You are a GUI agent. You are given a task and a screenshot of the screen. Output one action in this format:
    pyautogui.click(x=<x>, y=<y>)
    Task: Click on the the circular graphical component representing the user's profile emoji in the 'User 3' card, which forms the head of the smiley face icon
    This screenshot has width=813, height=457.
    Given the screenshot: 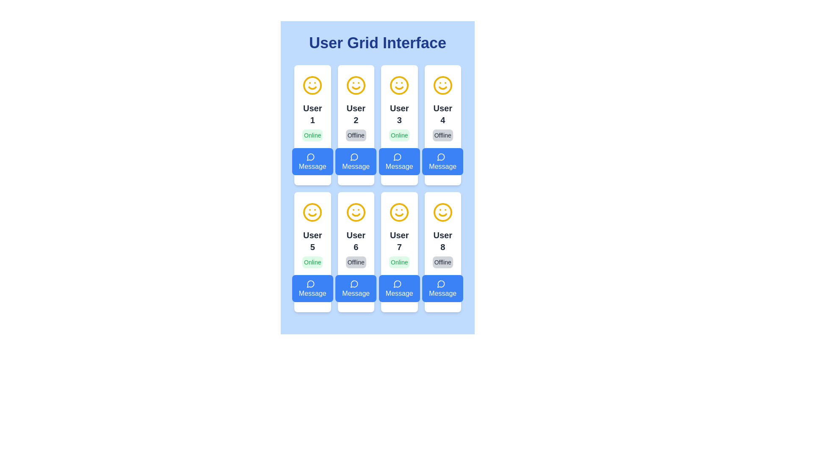 What is the action you would take?
    pyautogui.click(x=399, y=85)
    